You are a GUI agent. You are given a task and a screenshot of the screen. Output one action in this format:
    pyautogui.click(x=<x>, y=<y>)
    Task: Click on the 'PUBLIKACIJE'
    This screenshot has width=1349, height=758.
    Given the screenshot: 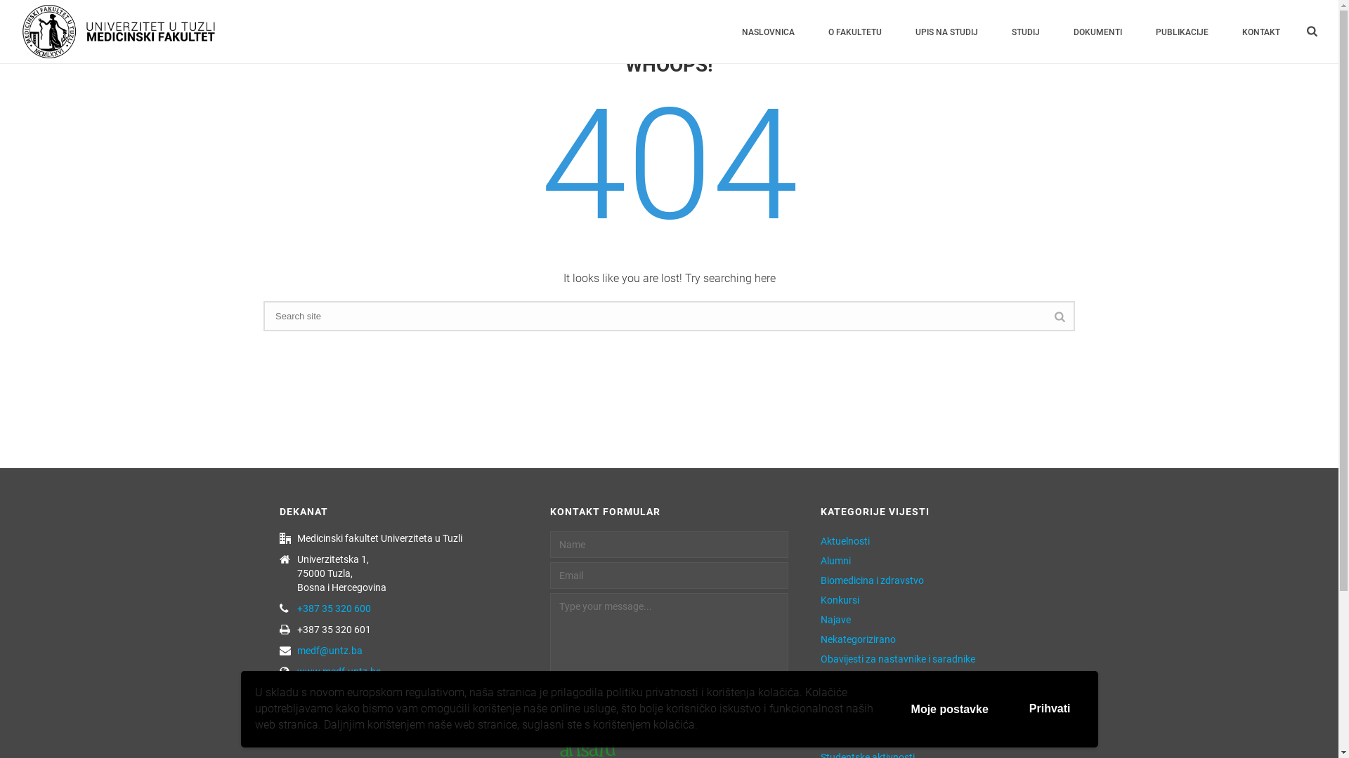 What is the action you would take?
    pyautogui.click(x=1181, y=32)
    